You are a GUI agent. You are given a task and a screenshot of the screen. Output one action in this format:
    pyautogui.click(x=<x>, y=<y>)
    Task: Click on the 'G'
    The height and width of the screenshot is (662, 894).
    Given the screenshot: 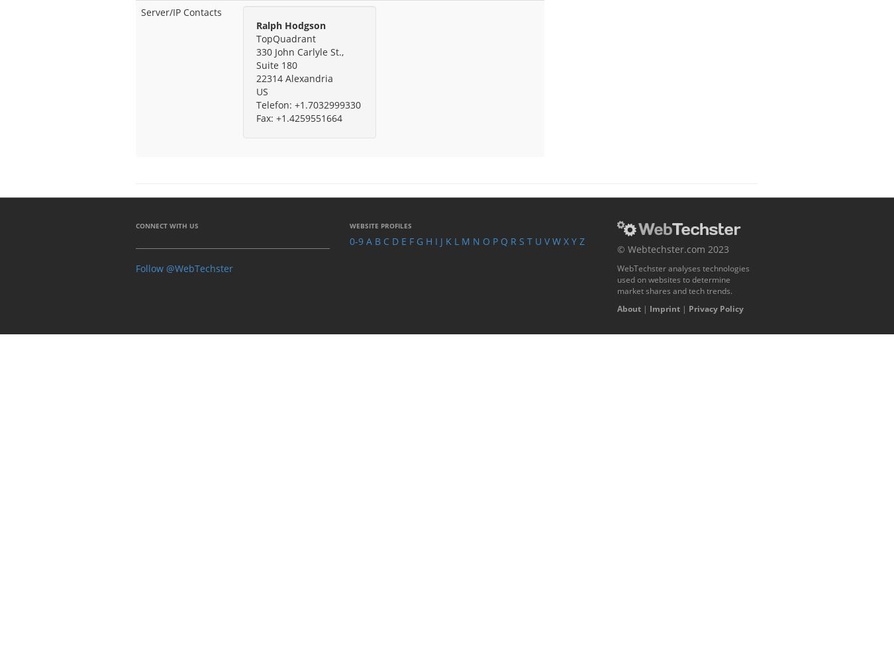 What is the action you would take?
    pyautogui.click(x=419, y=240)
    